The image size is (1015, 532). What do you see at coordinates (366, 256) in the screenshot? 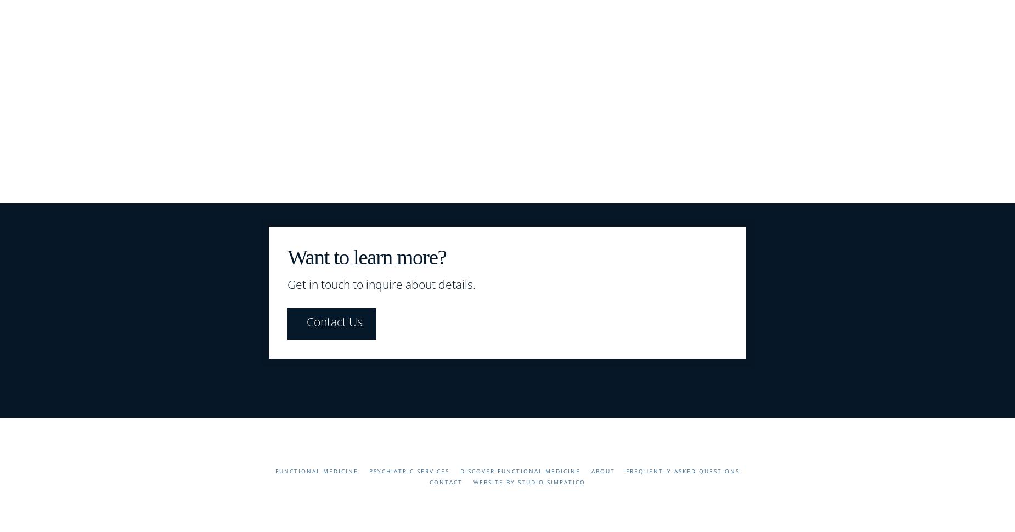
I see `'Want to learn more?'` at bounding box center [366, 256].